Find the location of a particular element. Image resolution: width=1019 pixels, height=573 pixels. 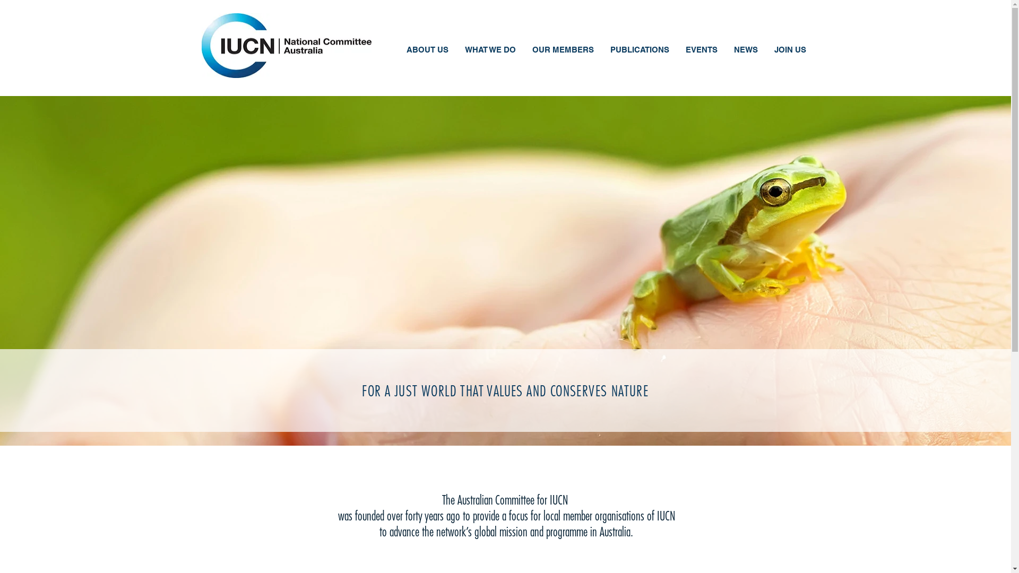

'EVENTS' is located at coordinates (701, 50).